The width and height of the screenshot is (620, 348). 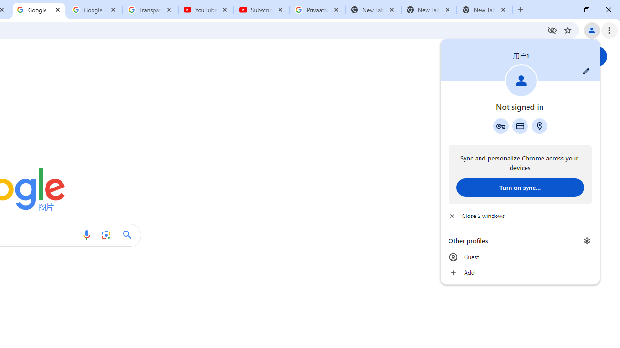 What do you see at coordinates (519, 216) in the screenshot?
I see `'Close 2 windows'` at bounding box center [519, 216].